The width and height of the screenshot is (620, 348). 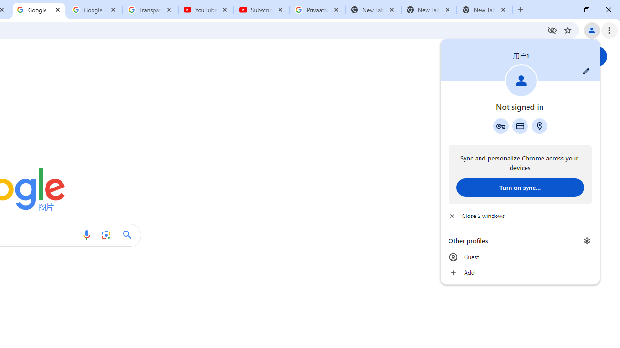 What do you see at coordinates (519, 216) in the screenshot?
I see `'Close 2 windows'` at bounding box center [519, 216].